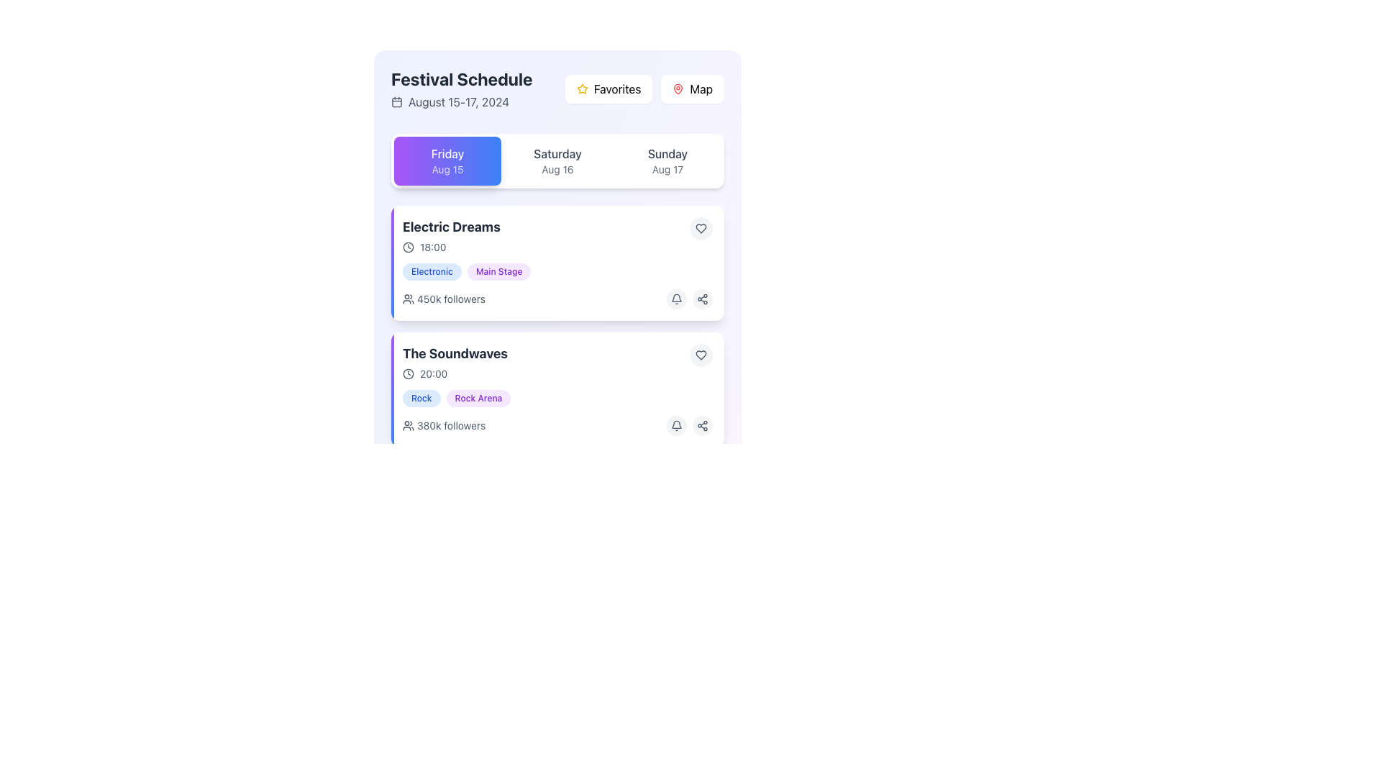 This screenshot has width=1381, height=777. What do you see at coordinates (675, 424) in the screenshot?
I see `the notification bell icon button, which is styled with a circular boundary and located on the right-hand side of the listing entry for 'Electric Dreams'` at bounding box center [675, 424].